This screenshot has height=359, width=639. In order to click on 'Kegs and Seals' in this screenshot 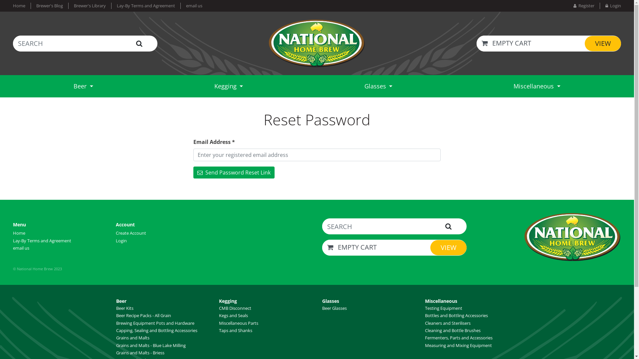, I will do `click(233, 315)`.